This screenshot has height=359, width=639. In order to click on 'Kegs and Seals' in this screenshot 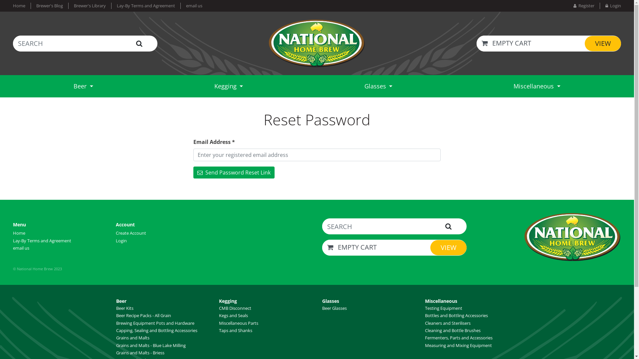, I will do `click(233, 315)`.